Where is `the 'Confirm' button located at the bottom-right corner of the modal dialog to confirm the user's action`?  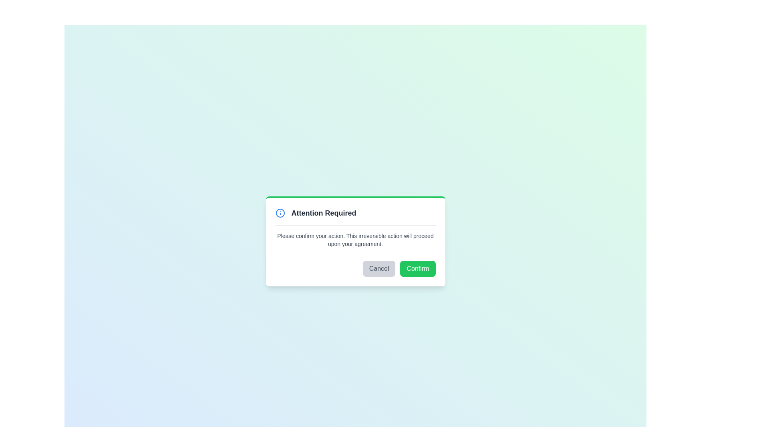 the 'Confirm' button located at the bottom-right corner of the modal dialog to confirm the user's action is located at coordinates (417, 268).